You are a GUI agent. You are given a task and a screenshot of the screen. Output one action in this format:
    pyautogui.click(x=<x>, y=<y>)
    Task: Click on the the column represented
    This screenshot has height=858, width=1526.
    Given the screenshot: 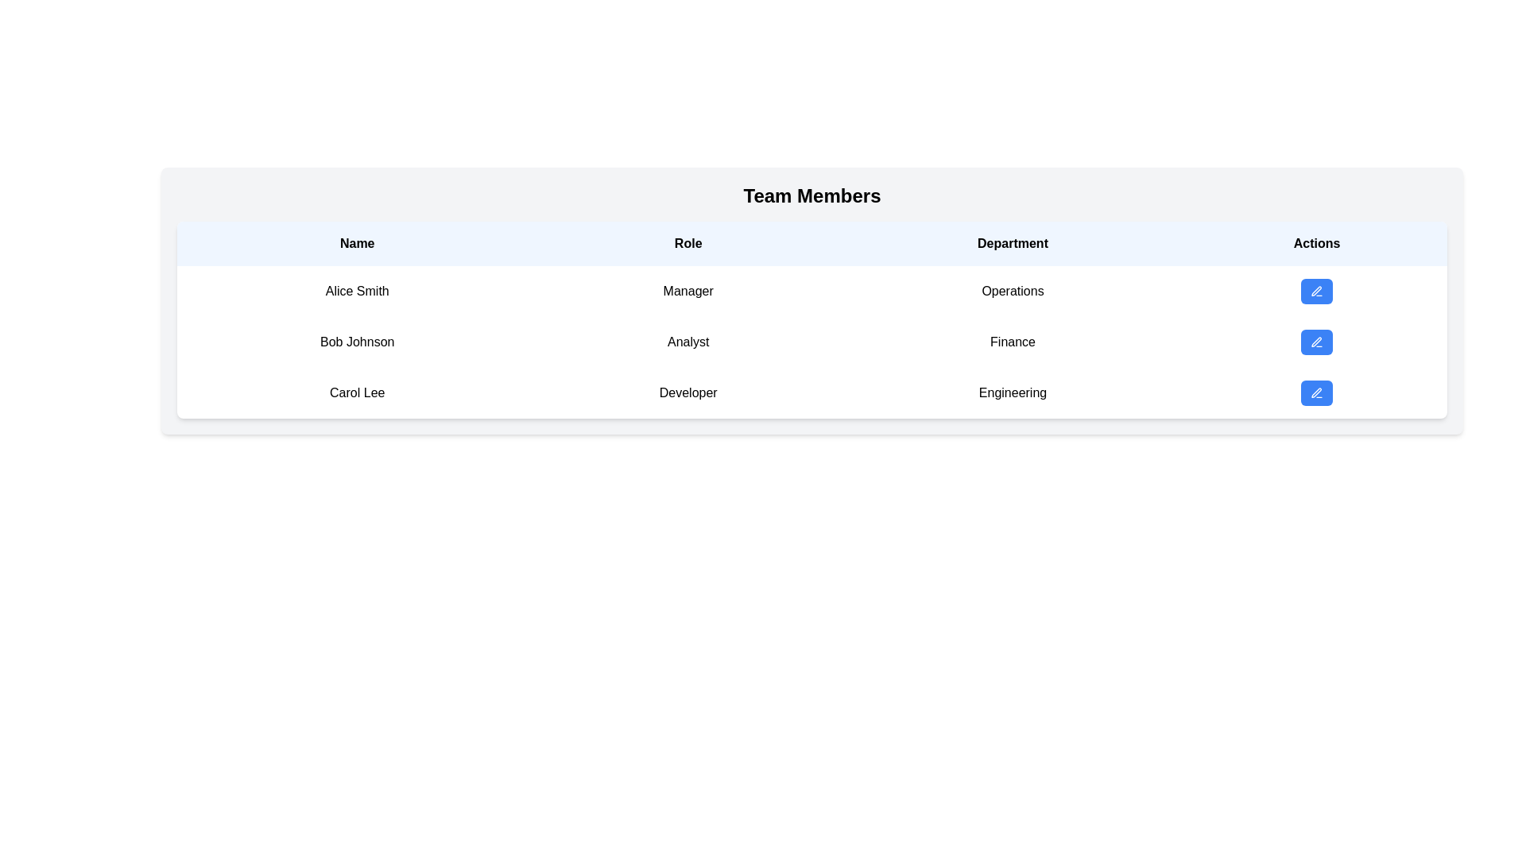 What is the action you would take?
    pyautogui.click(x=688, y=244)
    